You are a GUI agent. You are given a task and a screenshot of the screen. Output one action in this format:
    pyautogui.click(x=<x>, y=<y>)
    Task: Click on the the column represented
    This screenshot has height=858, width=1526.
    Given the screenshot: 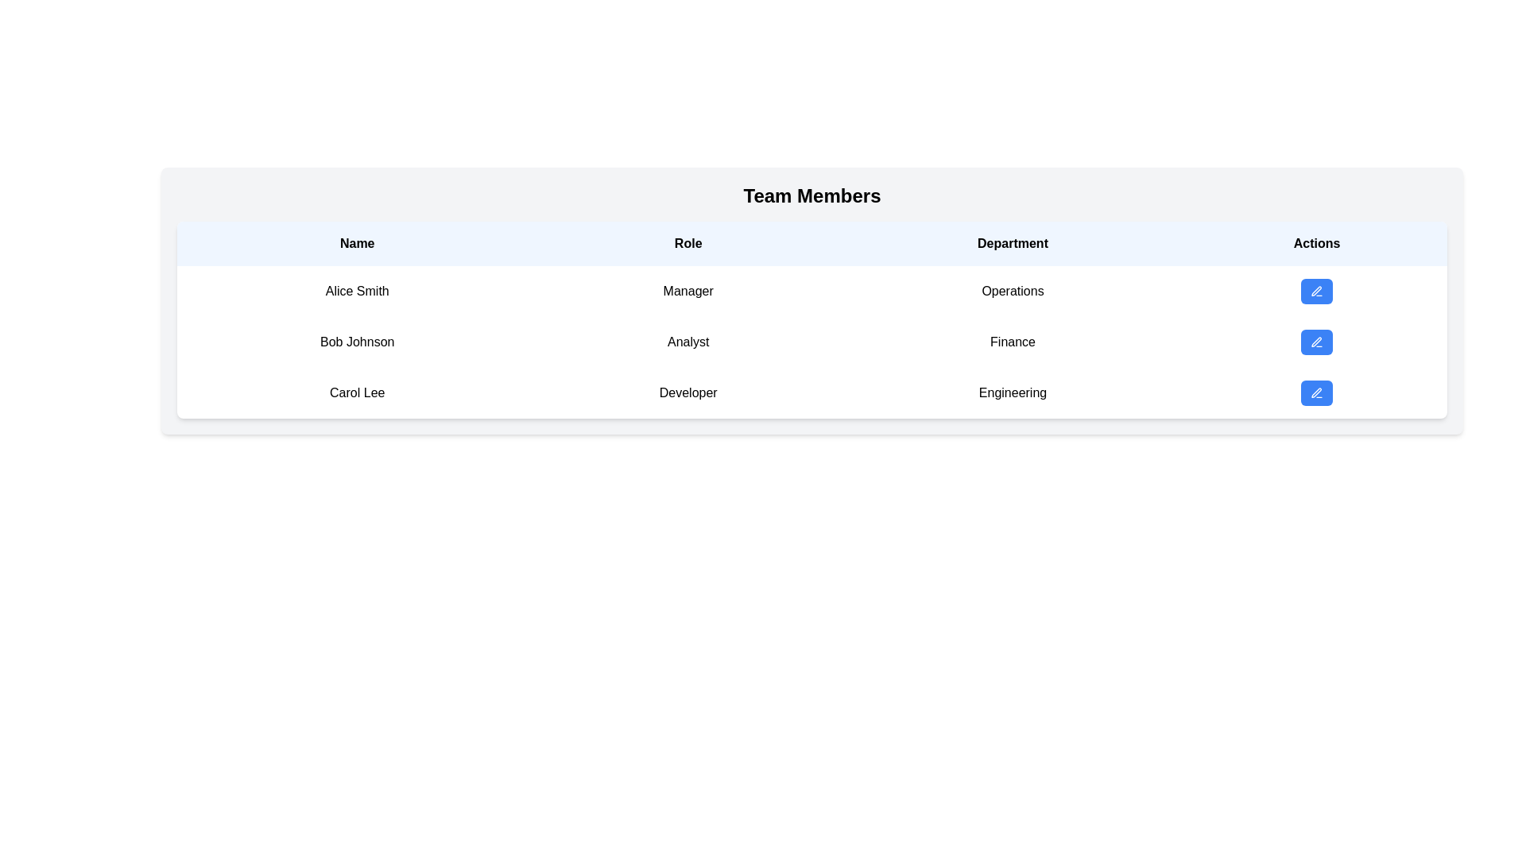 What is the action you would take?
    pyautogui.click(x=688, y=244)
    